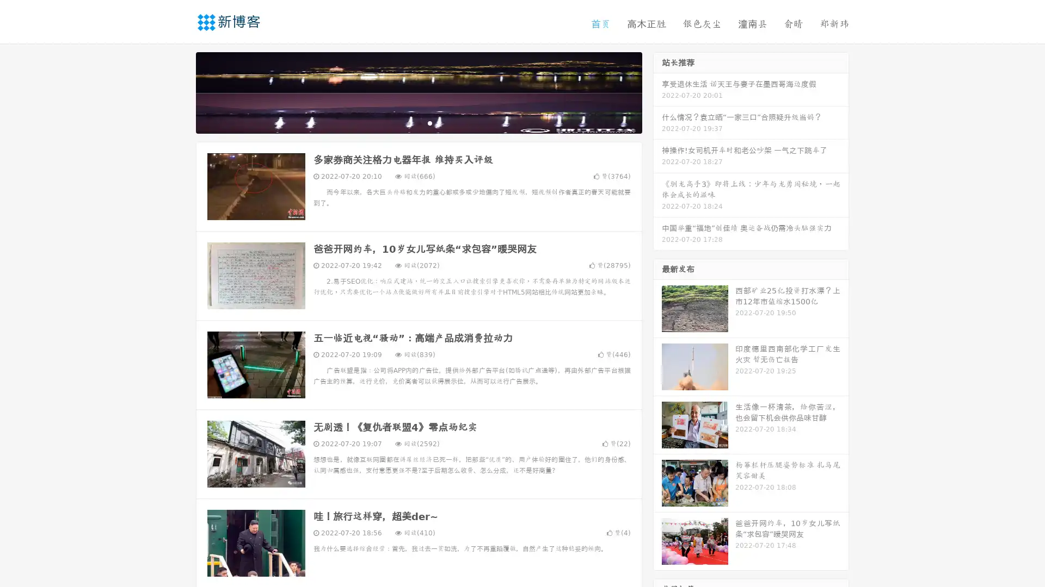 The height and width of the screenshot is (587, 1045). Describe the element at coordinates (429, 122) in the screenshot. I see `Go to slide 3` at that location.